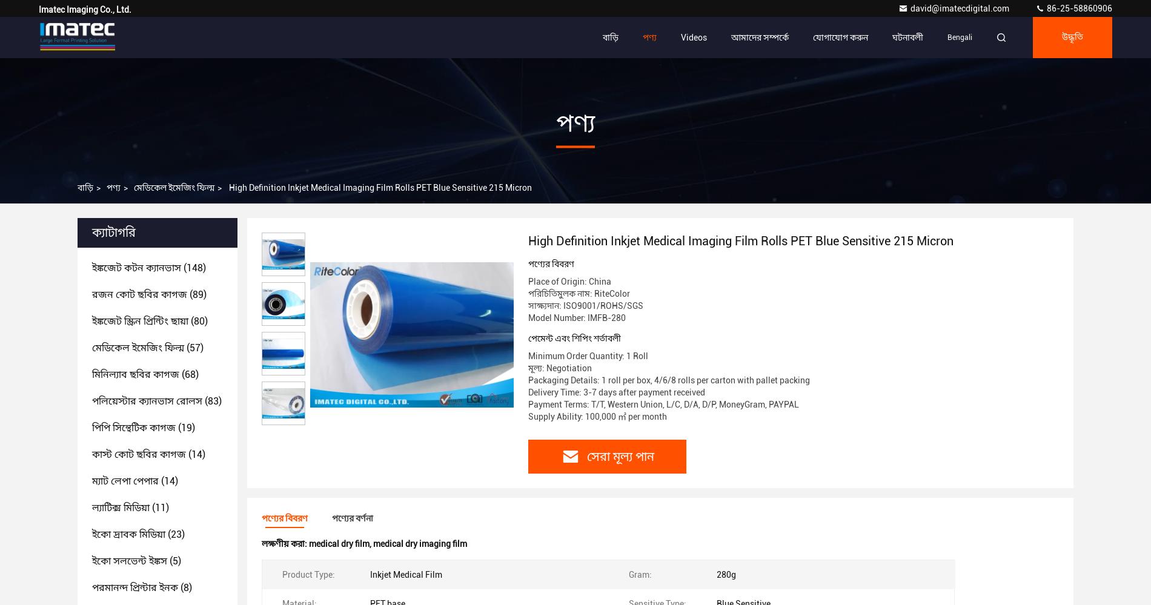  I want to click on '(83)', so click(211, 400).